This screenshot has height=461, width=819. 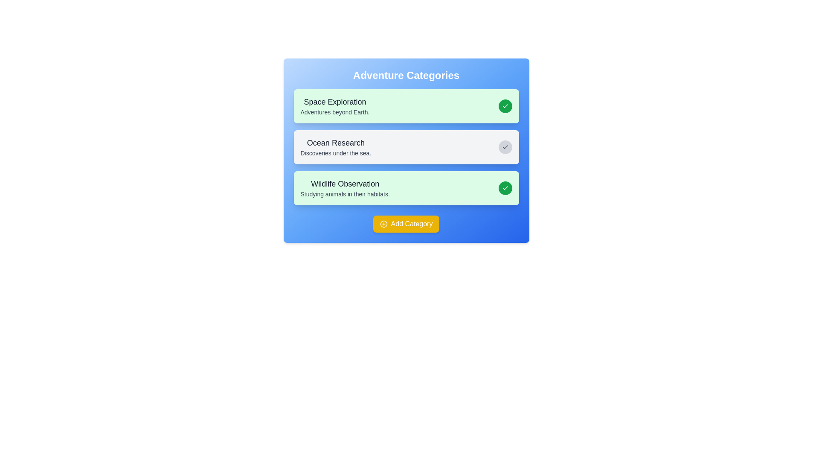 What do you see at coordinates (505, 146) in the screenshot?
I see `the chip labeled Ocean Research by clicking its checkmark` at bounding box center [505, 146].